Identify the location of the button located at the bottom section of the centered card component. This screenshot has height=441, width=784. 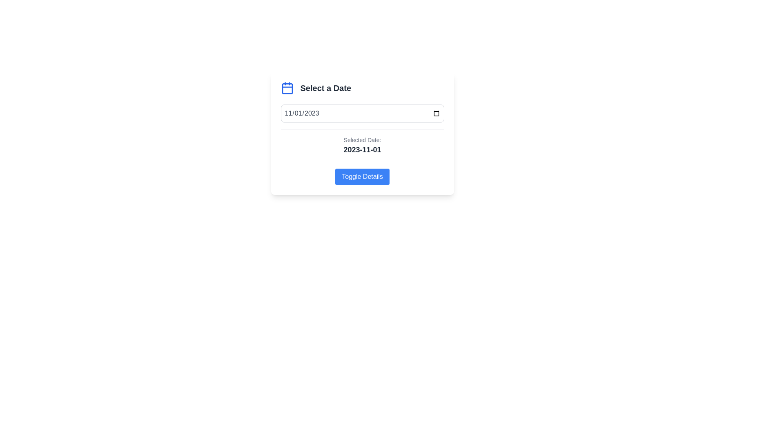
(362, 176).